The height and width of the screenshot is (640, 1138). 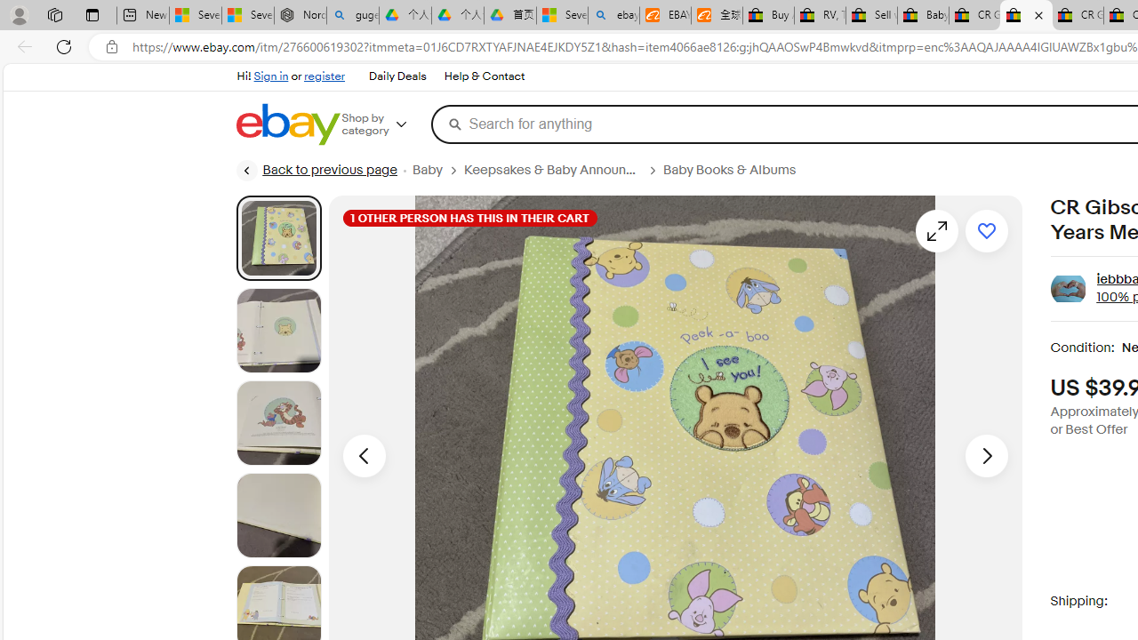 What do you see at coordinates (385, 124) in the screenshot?
I see `'Shop by category'` at bounding box center [385, 124].